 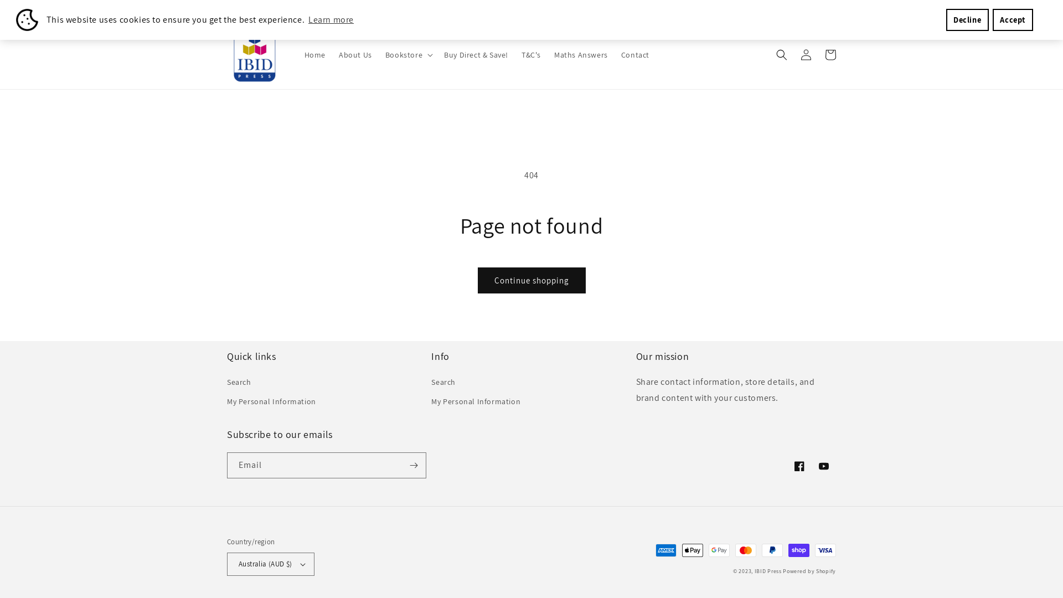 I want to click on 'Decline', so click(x=967, y=19).